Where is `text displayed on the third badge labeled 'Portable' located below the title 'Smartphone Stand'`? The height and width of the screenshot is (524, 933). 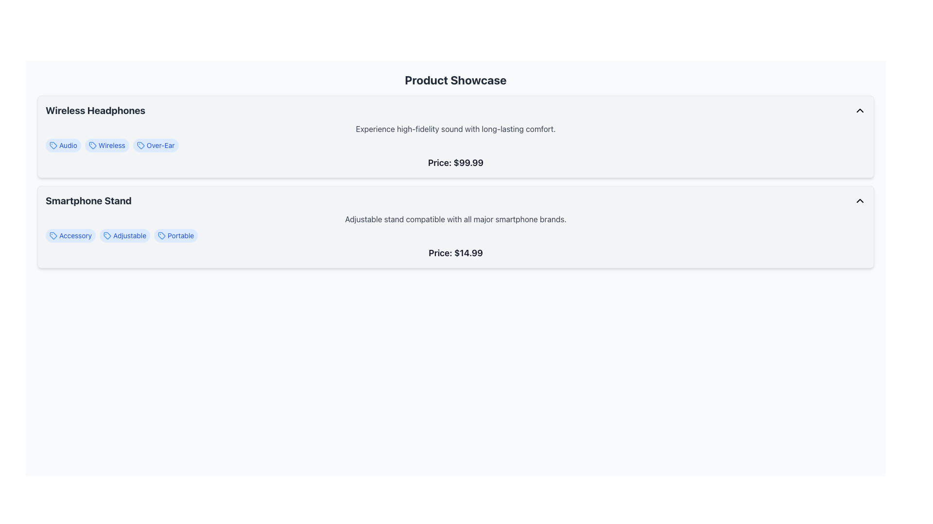 text displayed on the third badge labeled 'Portable' located below the title 'Smartphone Stand' is located at coordinates (176, 236).